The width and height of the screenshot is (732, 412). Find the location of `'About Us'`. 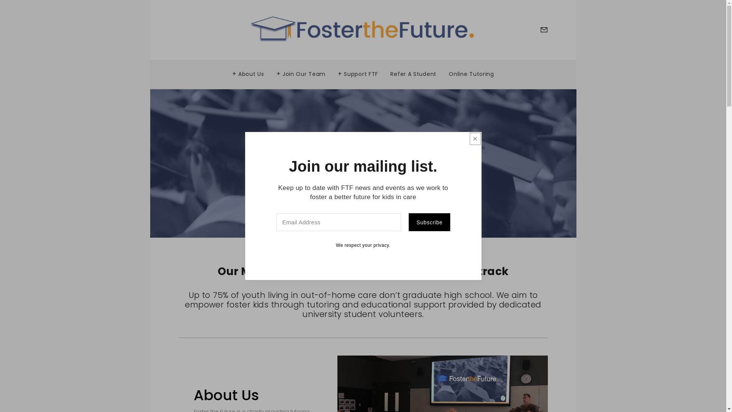

'About Us' is located at coordinates (248, 72).